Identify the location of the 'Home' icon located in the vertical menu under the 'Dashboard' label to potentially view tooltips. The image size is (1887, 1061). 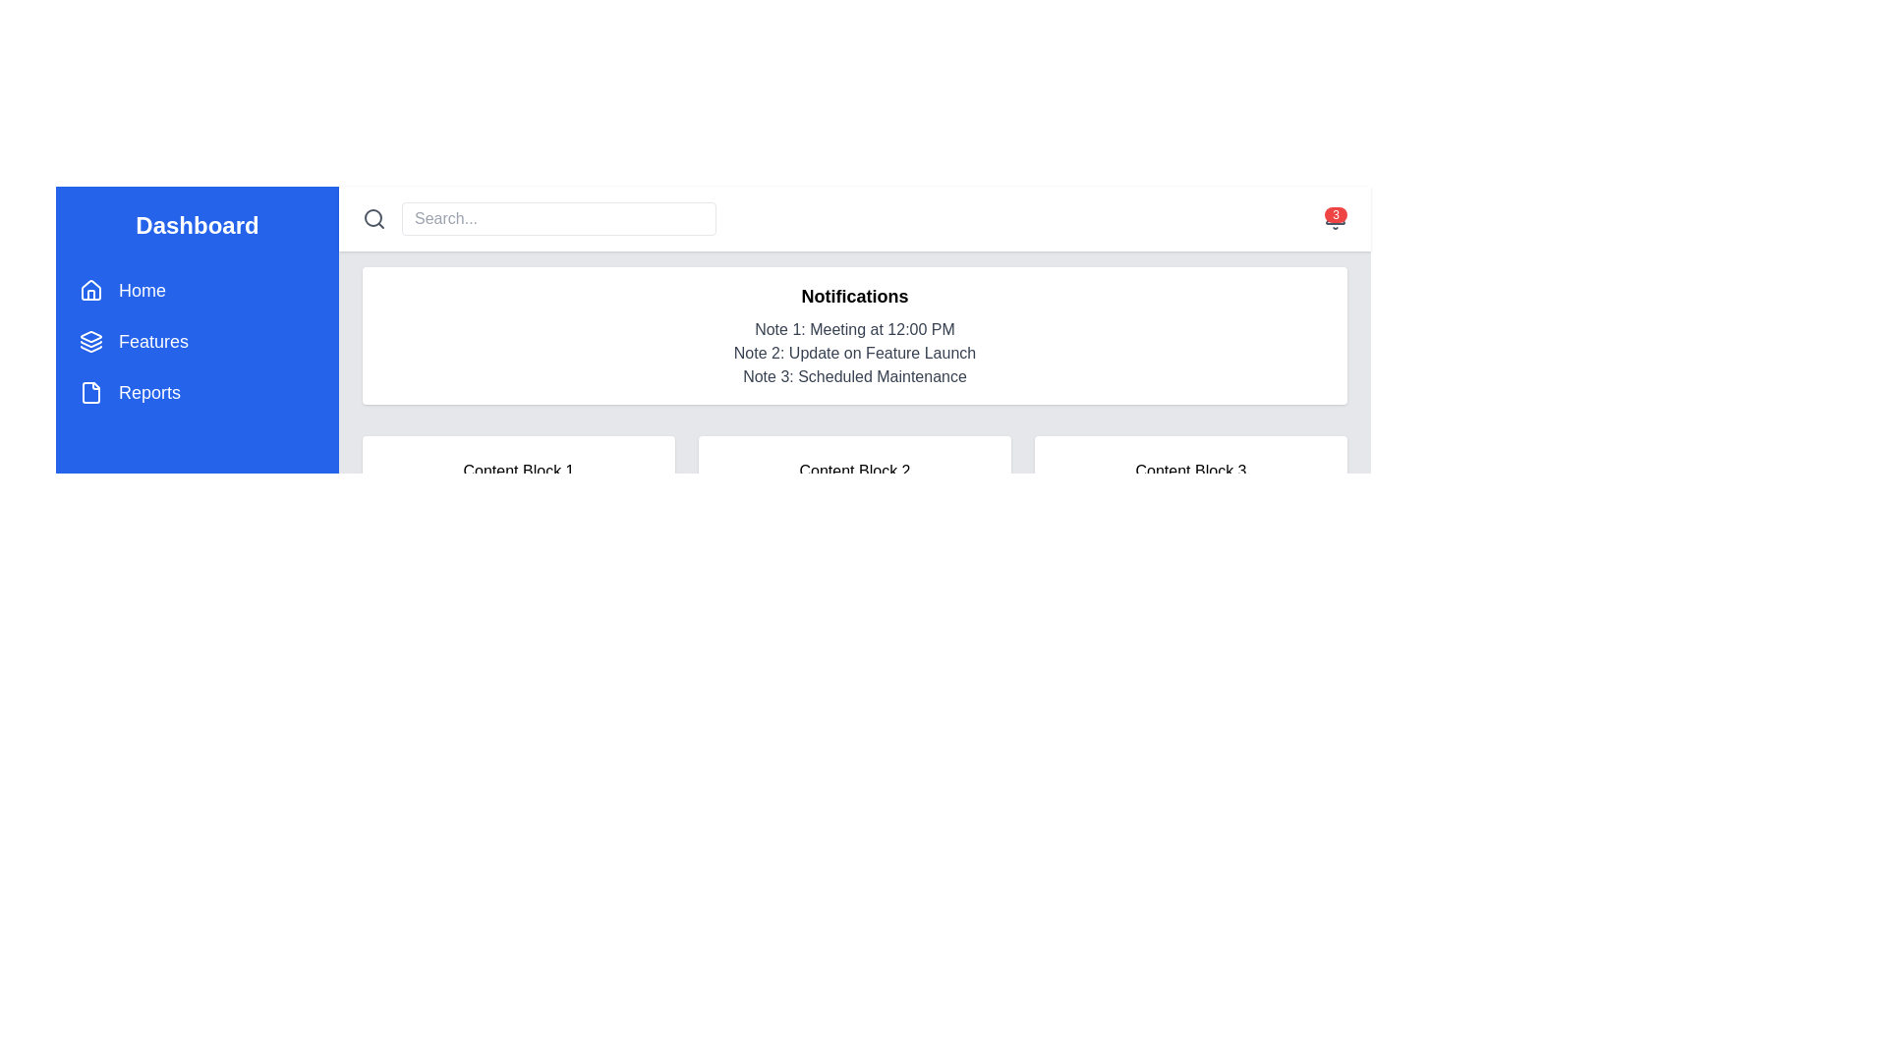
(89, 291).